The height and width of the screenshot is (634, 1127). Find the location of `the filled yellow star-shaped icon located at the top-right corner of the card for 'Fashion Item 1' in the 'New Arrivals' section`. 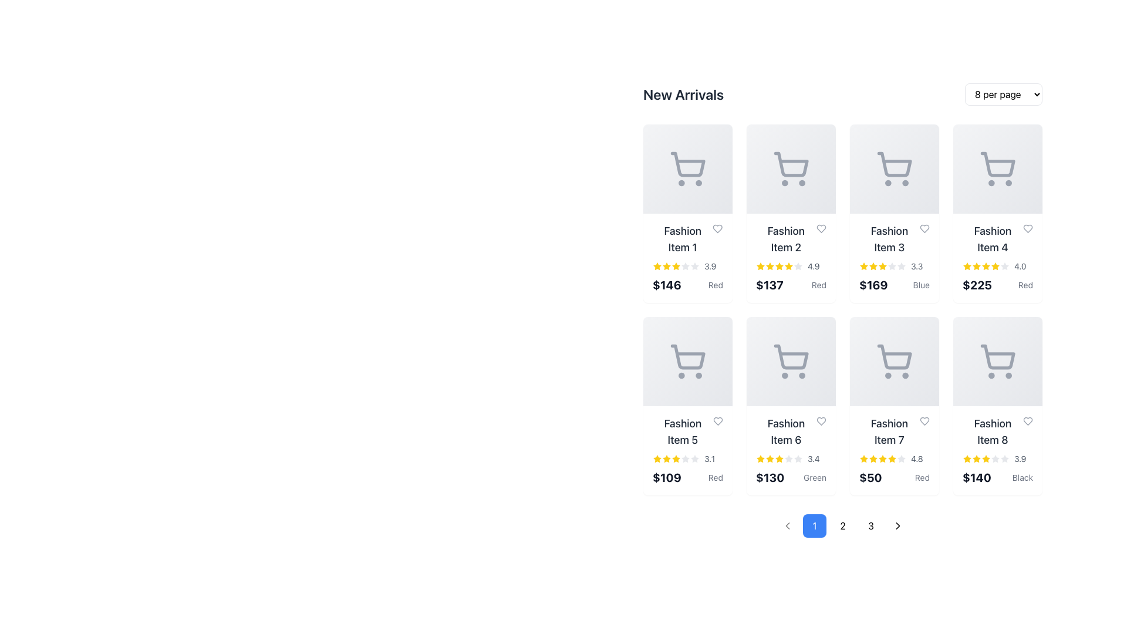

the filled yellow star-shaped icon located at the top-right corner of the card for 'Fashion Item 1' in the 'New Arrivals' section is located at coordinates (864, 266).